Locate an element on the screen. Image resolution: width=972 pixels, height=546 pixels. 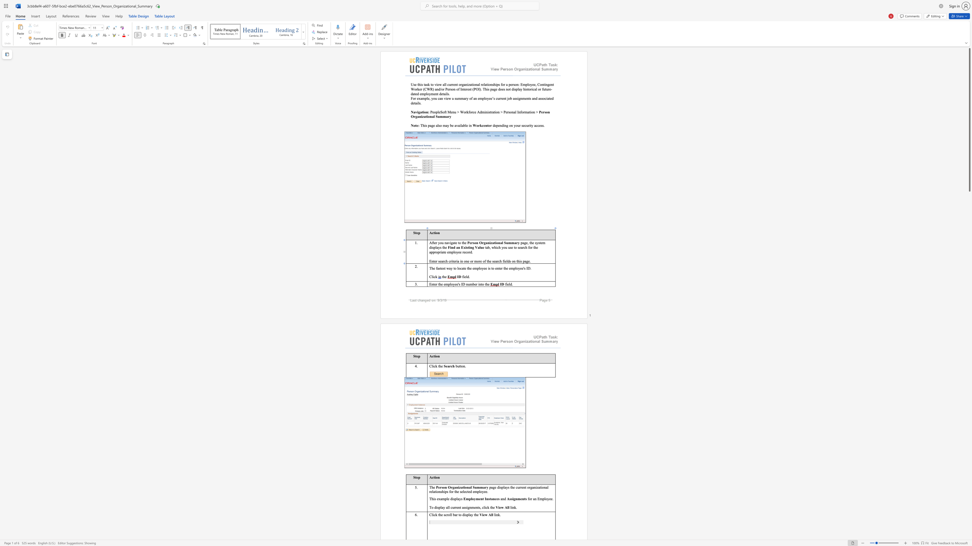
the 1th character "o" in the text is located at coordinates (452, 284).